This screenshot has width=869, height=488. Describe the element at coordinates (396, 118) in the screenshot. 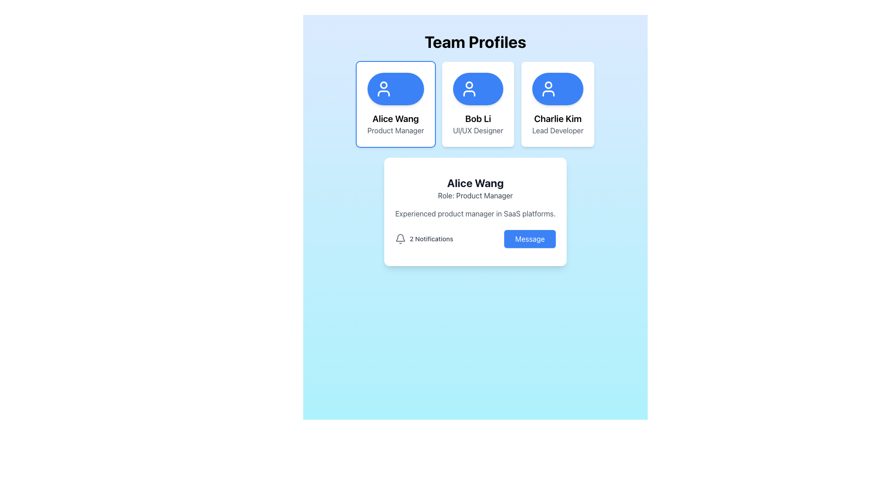

I see `the text label displaying the name 'Alice Wang', which is situated in Alice Wang's profile card directly above the 'Product Manager' label and below the circular profile icon` at that location.